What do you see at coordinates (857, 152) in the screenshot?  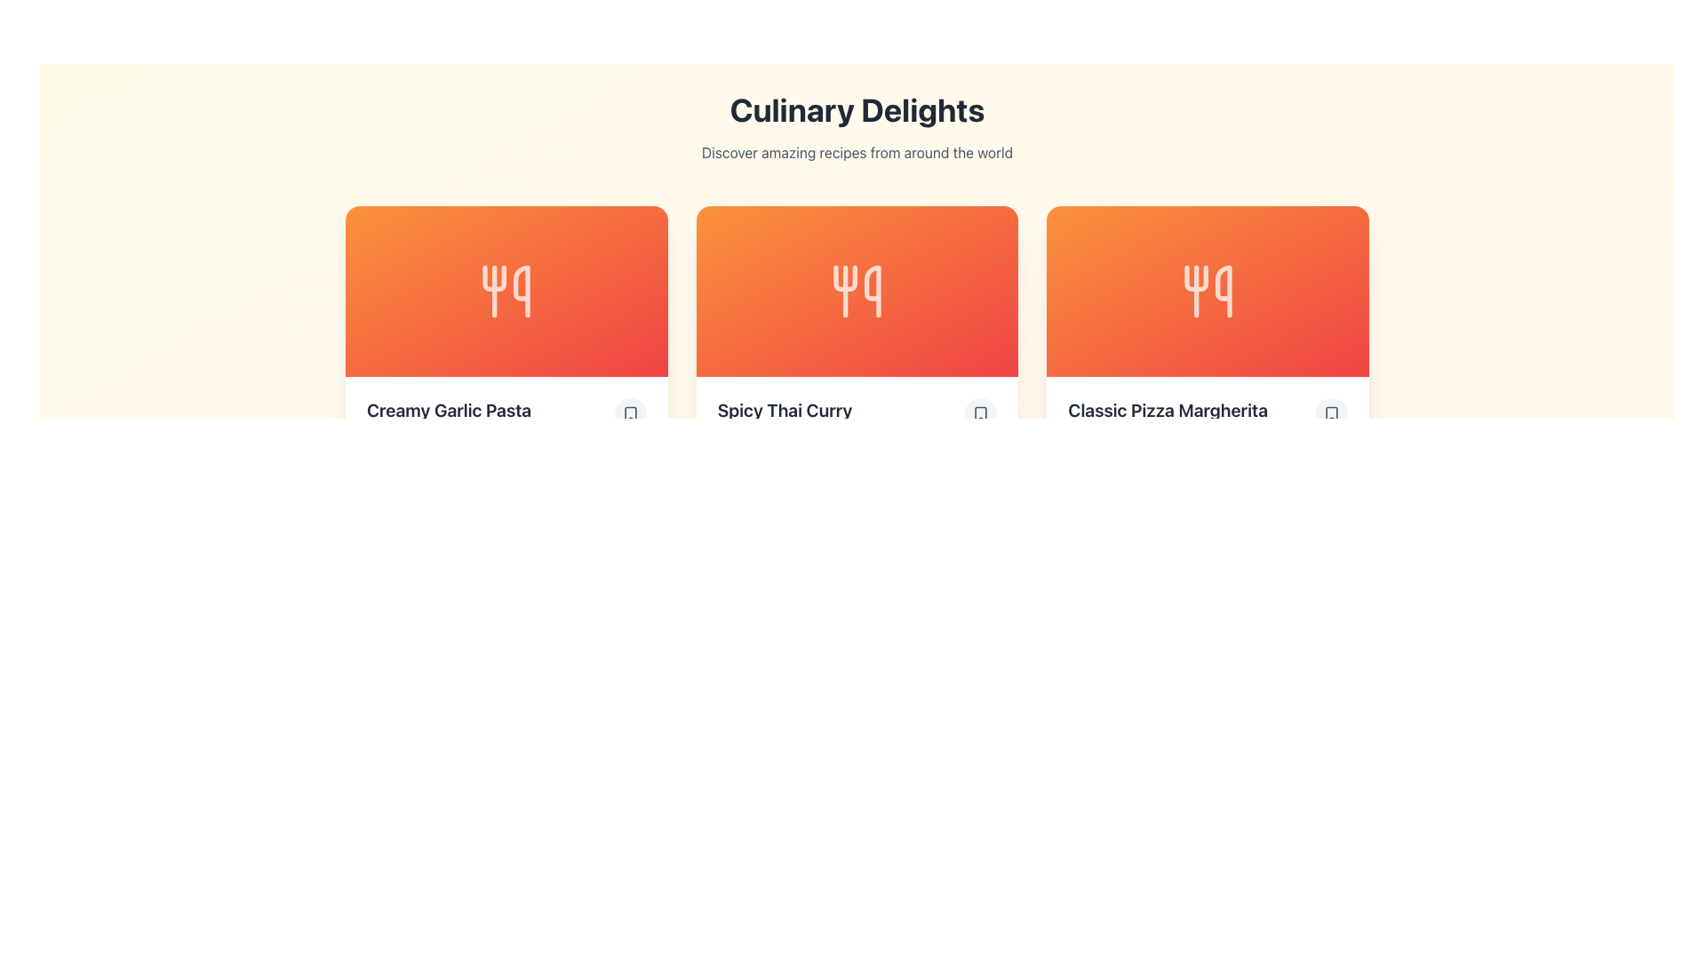 I see `the text element displaying 'Discover amazing recipes from around the world', which is located directly below the 'Culinary Delights' heading` at bounding box center [857, 152].